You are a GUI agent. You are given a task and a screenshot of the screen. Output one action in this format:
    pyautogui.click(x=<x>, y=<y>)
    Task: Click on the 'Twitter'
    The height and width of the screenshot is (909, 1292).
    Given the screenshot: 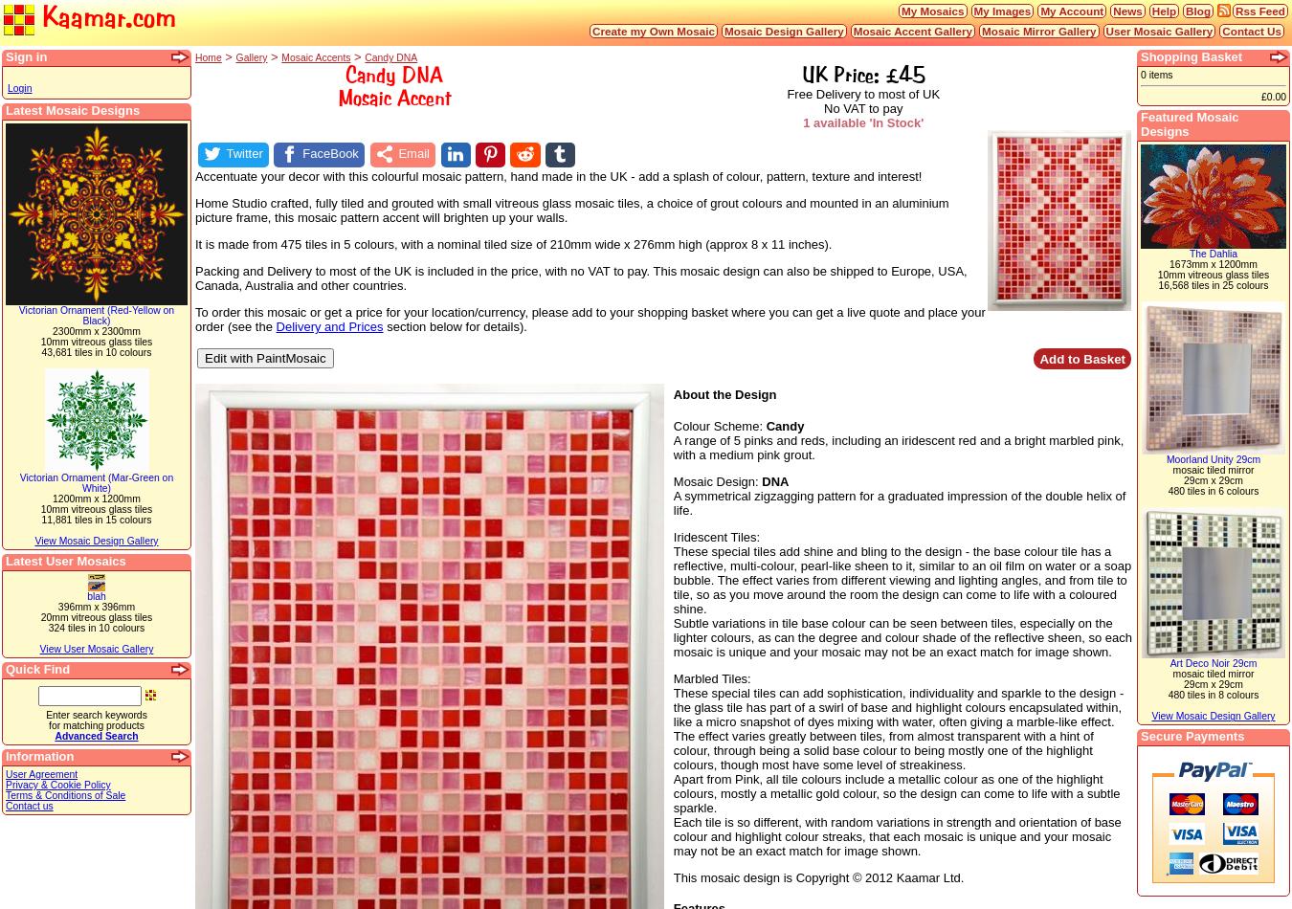 What is the action you would take?
    pyautogui.click(x=243, y=153)
    